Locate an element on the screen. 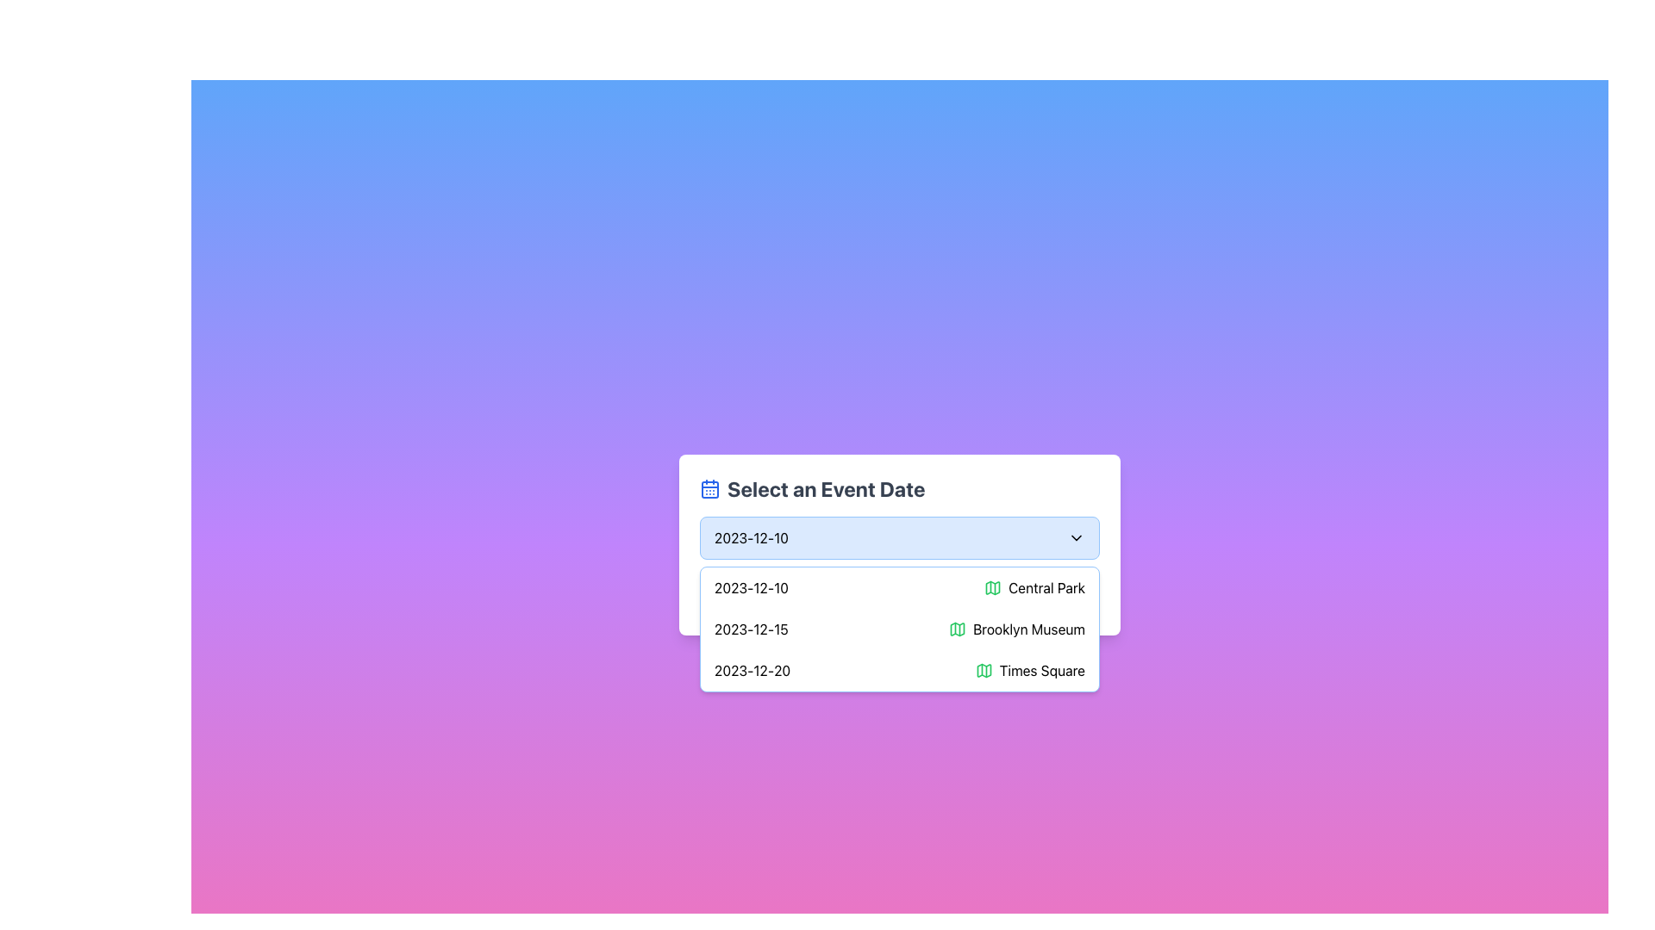 This screenshot has width=1655, height=930. the blue calendar icon located to the left of the 'Select an Event Date' text in the header area of the dropdown interface is located at coordinates (710, 488).